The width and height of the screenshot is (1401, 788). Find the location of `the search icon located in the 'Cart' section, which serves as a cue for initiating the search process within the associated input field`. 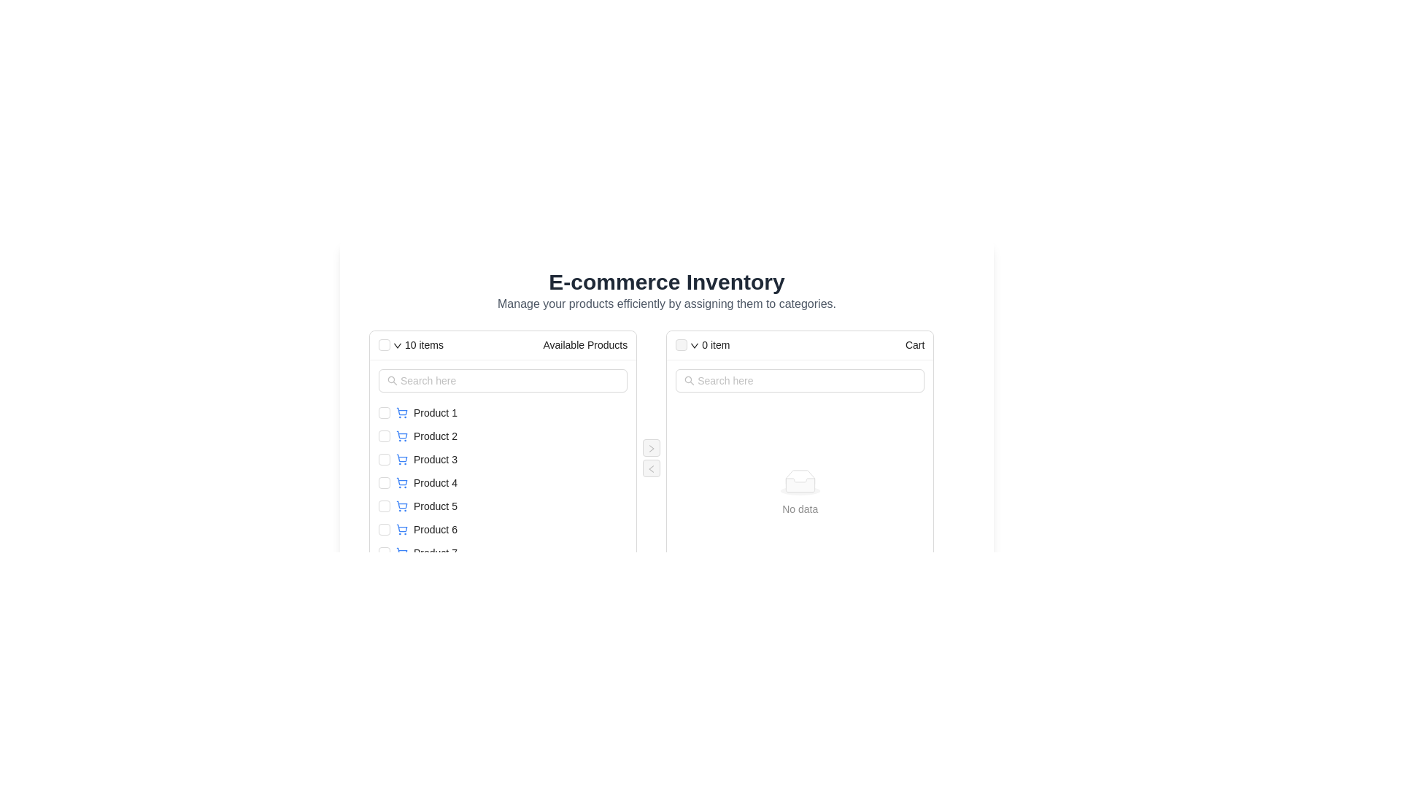

the search icon located in the 'Cart' section, which serves as a cue for initiating the search process within the associated input field is located at coordinates (689, 379).